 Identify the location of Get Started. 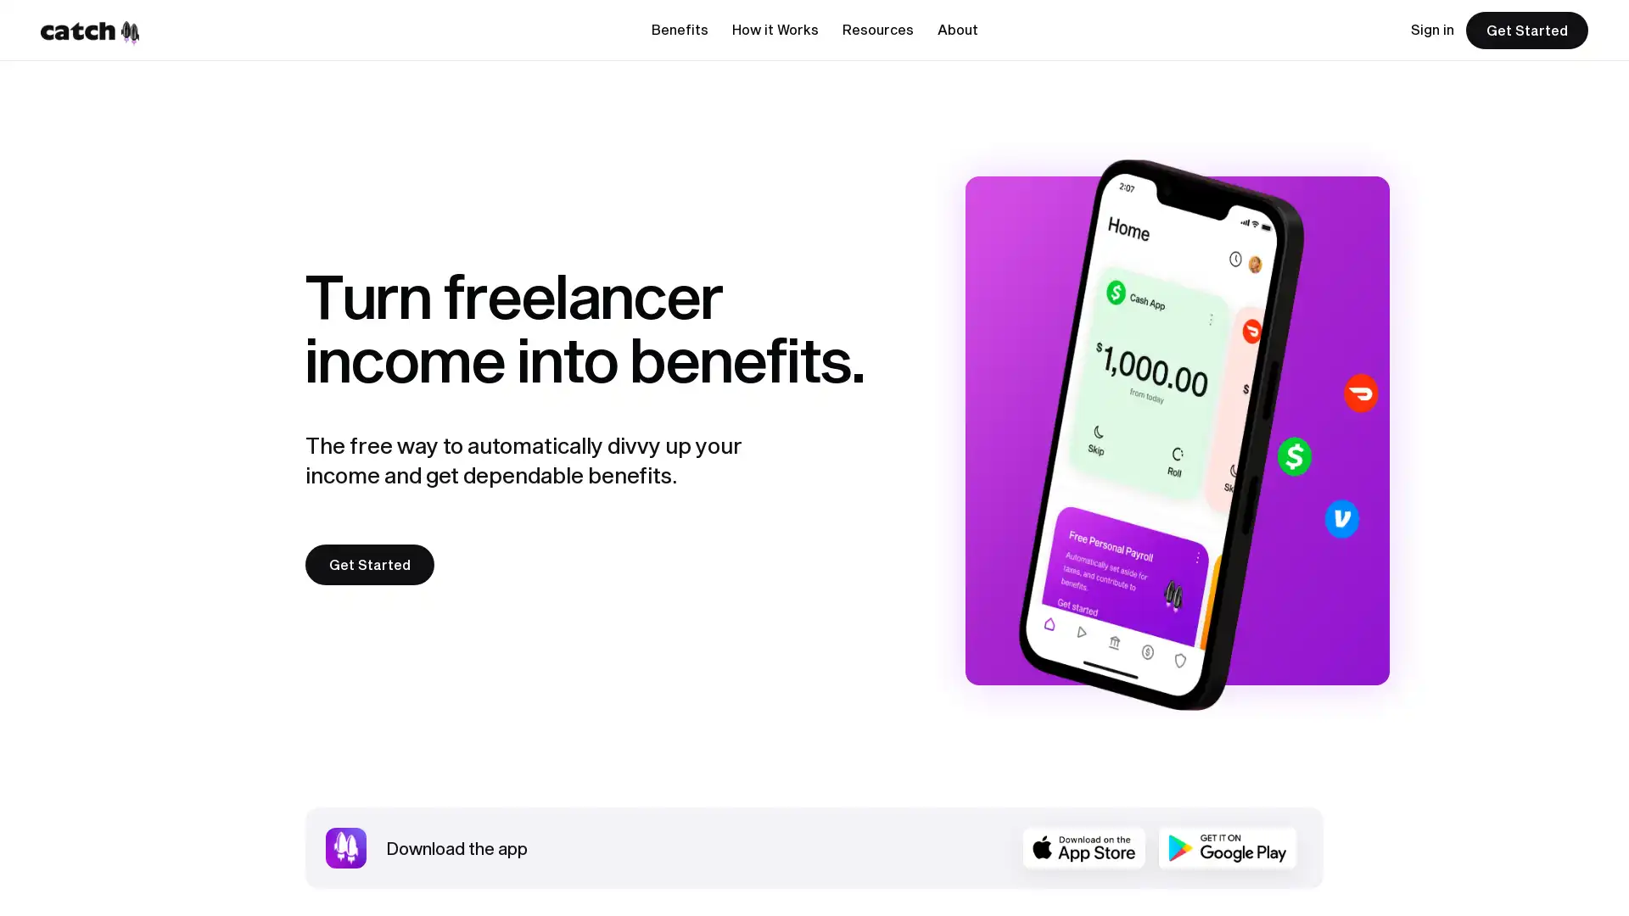
(369, 565).